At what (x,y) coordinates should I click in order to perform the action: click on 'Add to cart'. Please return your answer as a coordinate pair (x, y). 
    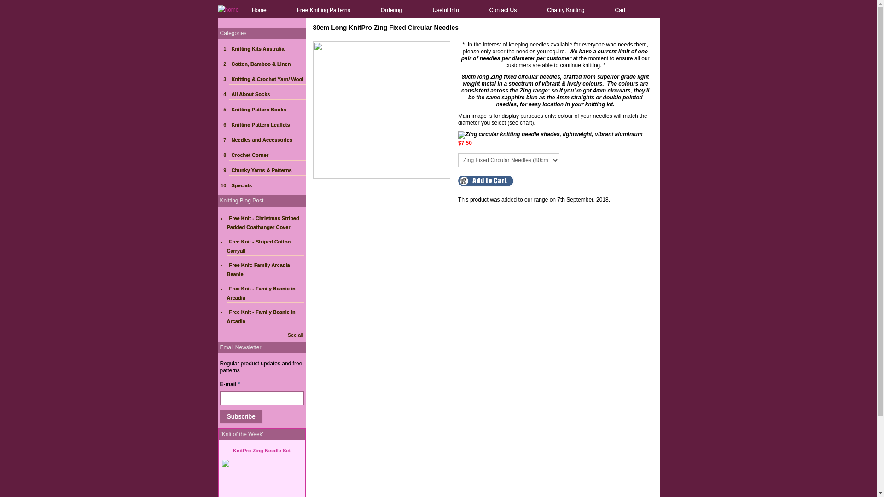
    Looking at the image, I should click on (485, 181).